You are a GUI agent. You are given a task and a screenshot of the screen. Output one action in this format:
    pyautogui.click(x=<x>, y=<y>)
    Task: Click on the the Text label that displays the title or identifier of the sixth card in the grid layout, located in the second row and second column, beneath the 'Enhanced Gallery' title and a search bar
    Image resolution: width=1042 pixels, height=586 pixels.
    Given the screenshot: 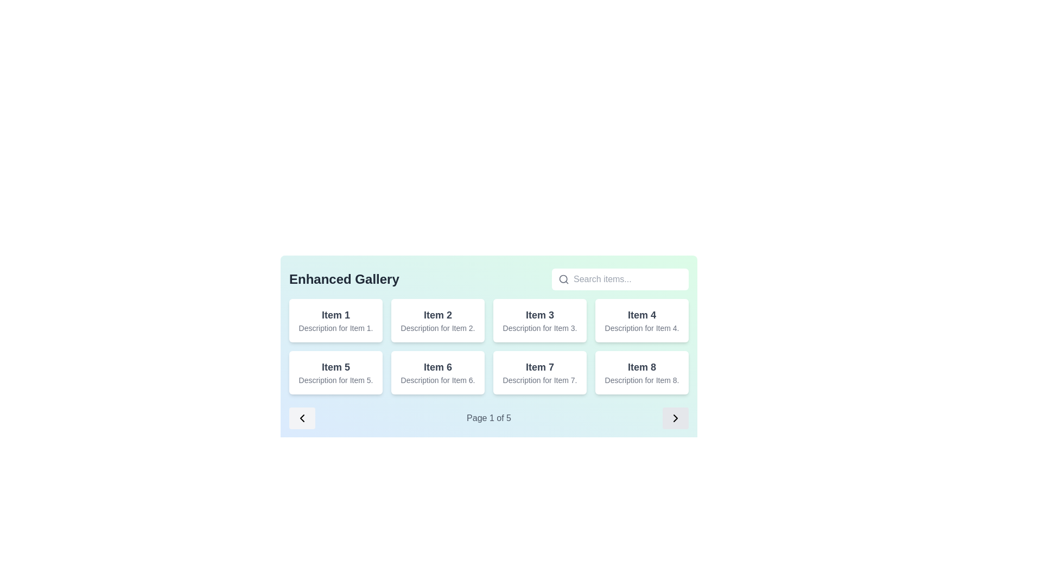 What is the action you would take?
    pyautogui.click(x=437, y=367)
    